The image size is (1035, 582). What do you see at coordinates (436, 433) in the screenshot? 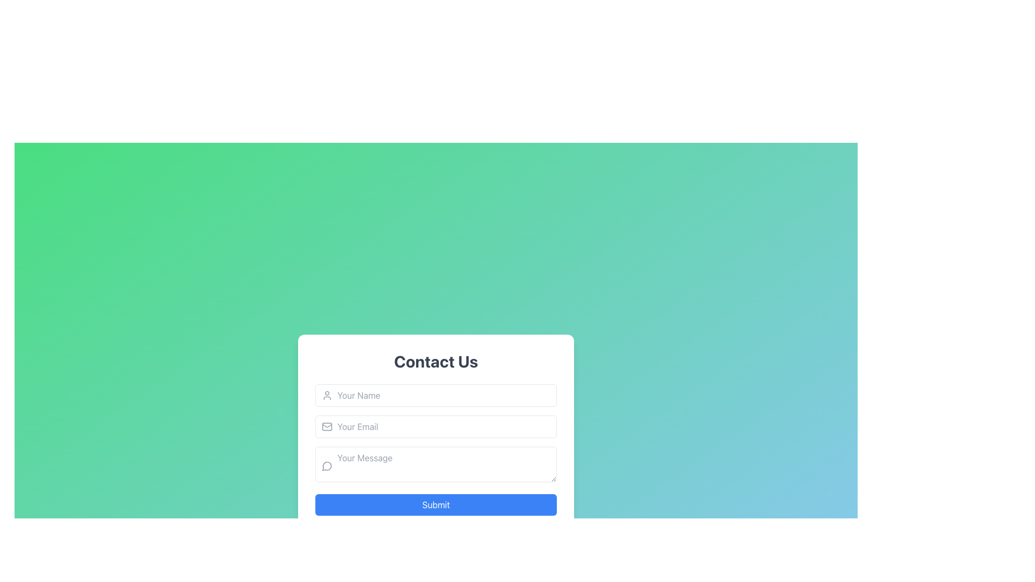
I see `the email input field in the 'Contact Us' form to focus on it` at bounding box center [436, 433].